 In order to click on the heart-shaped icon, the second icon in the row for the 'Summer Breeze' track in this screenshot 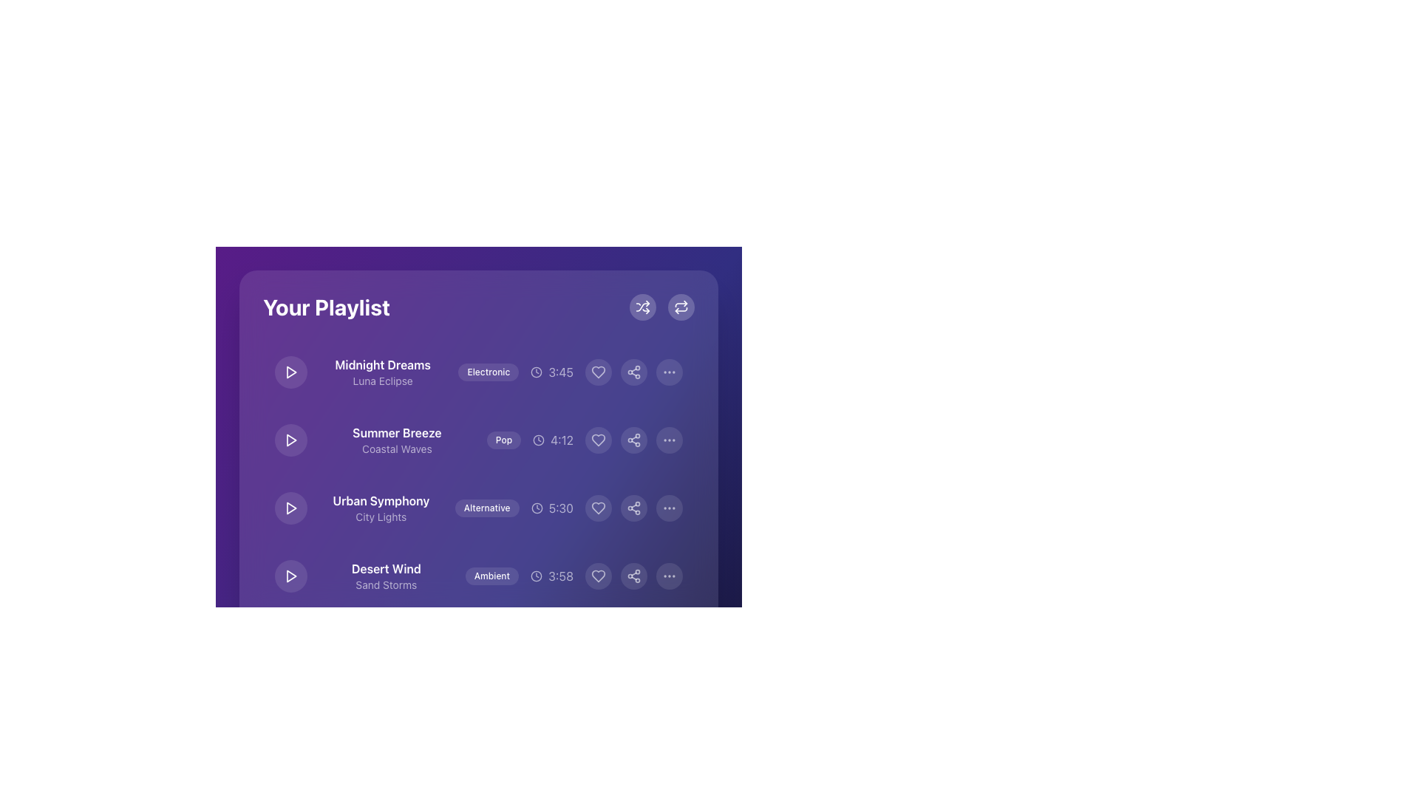, I will do `click(599, 440)`.